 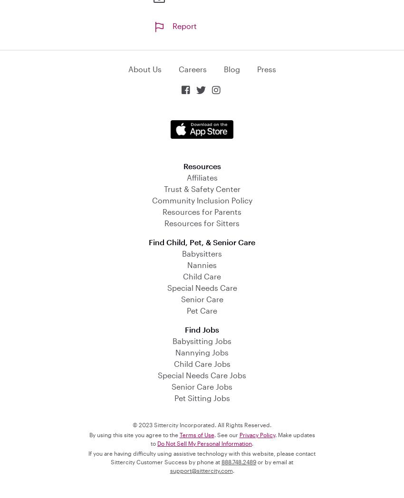 What do you see at coordinates (202, 385) in the screenshot?
I see `'Senior Care Jobs'` at bounding box center [202, 385].